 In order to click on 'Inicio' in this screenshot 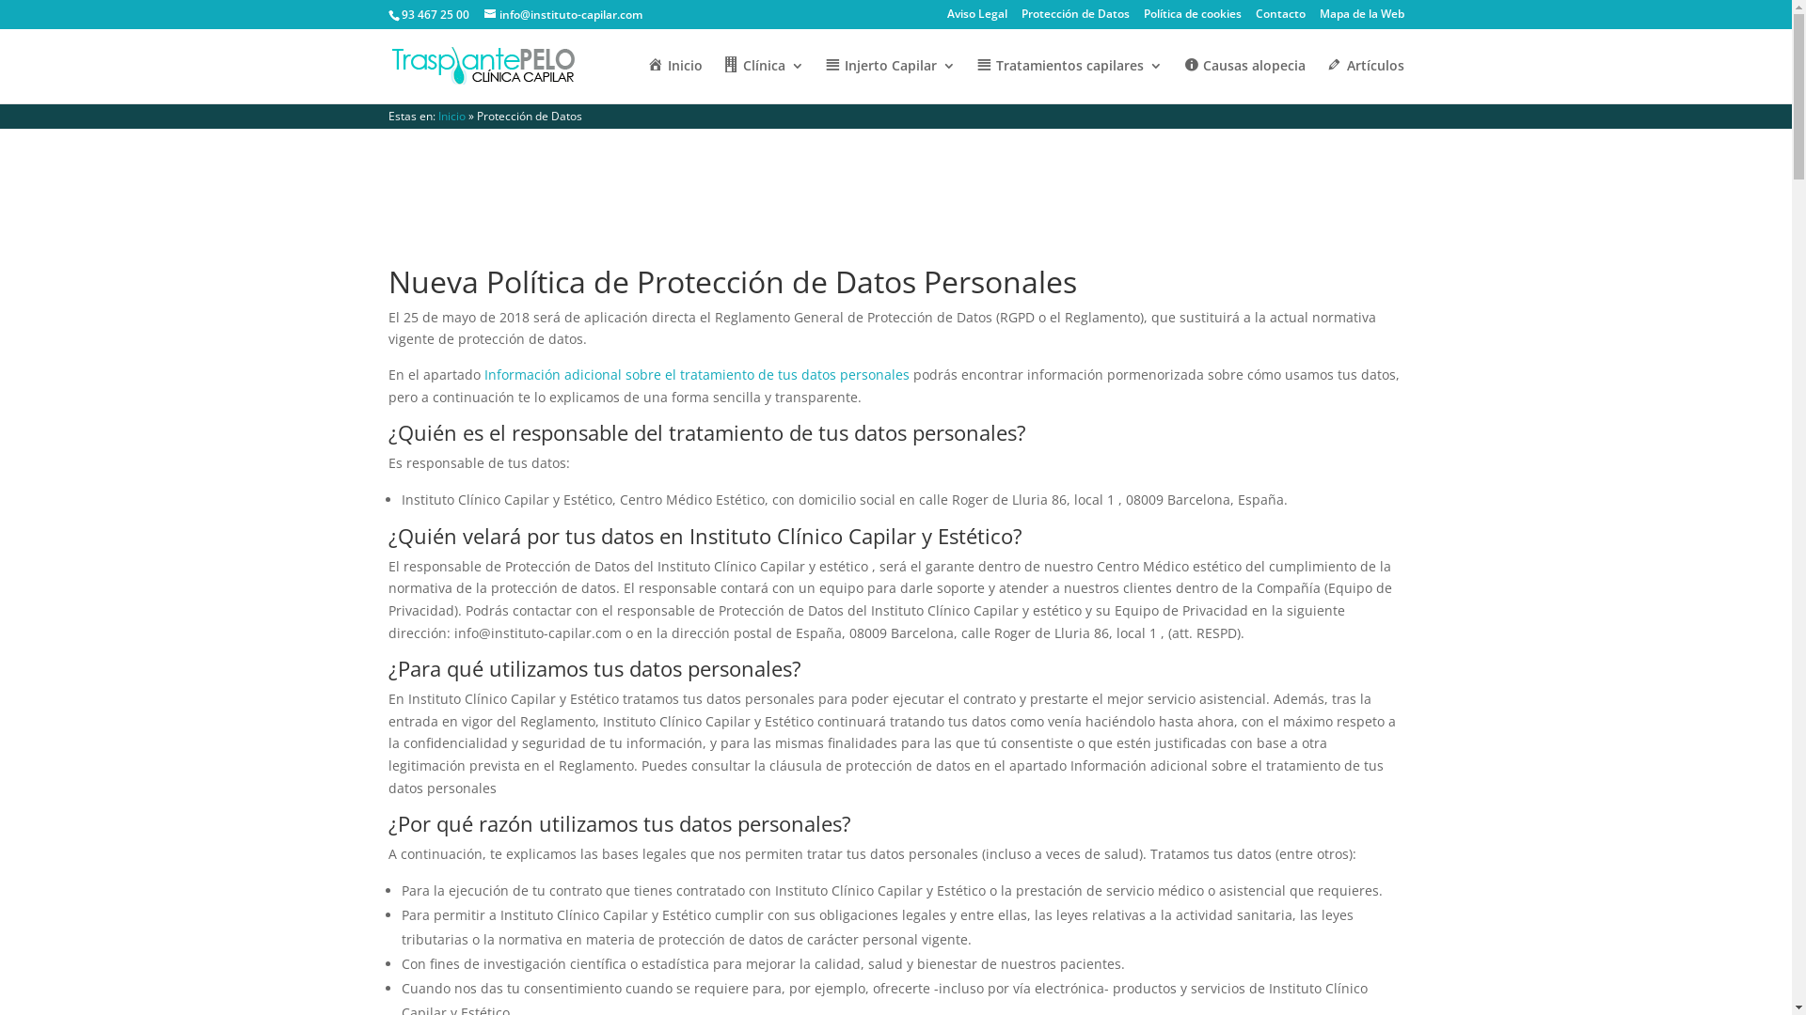, I will do `click(673, 80)`.